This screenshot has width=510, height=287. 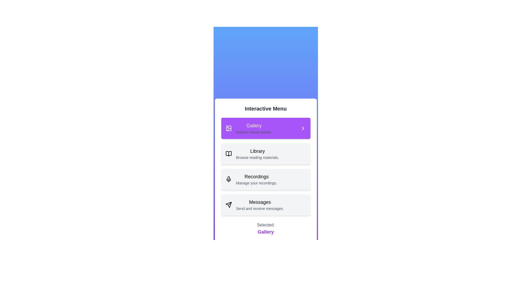 What do you see at coordinates (266, 154) in the screenshot?
I see `the menu item Library` at bounding box center [266, 154].